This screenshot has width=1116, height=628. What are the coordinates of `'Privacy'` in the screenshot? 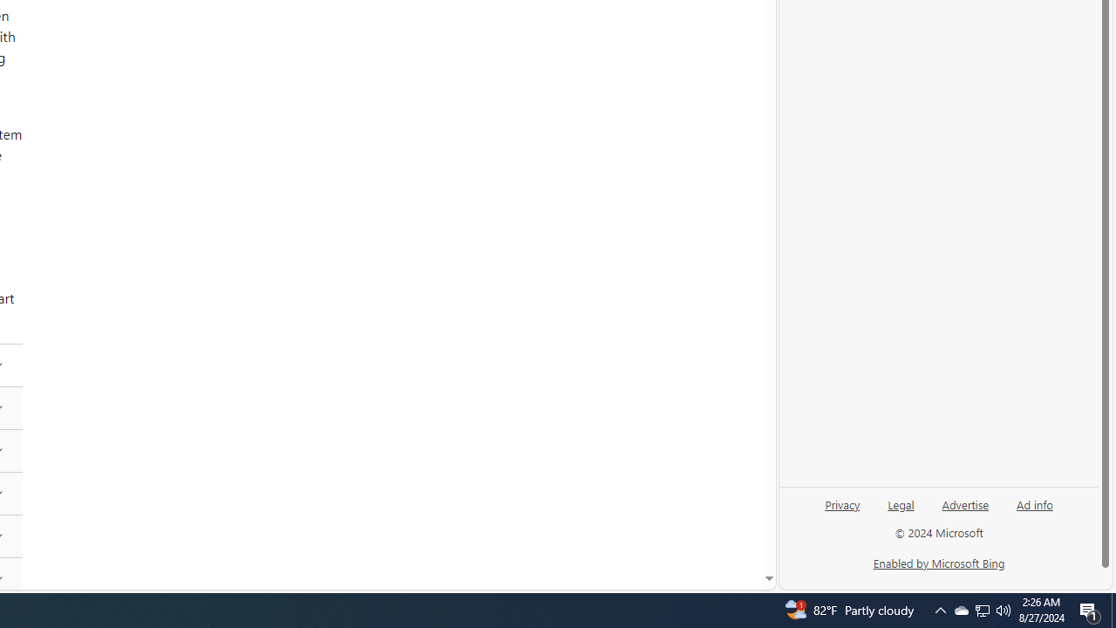 It's located at (842, 503).